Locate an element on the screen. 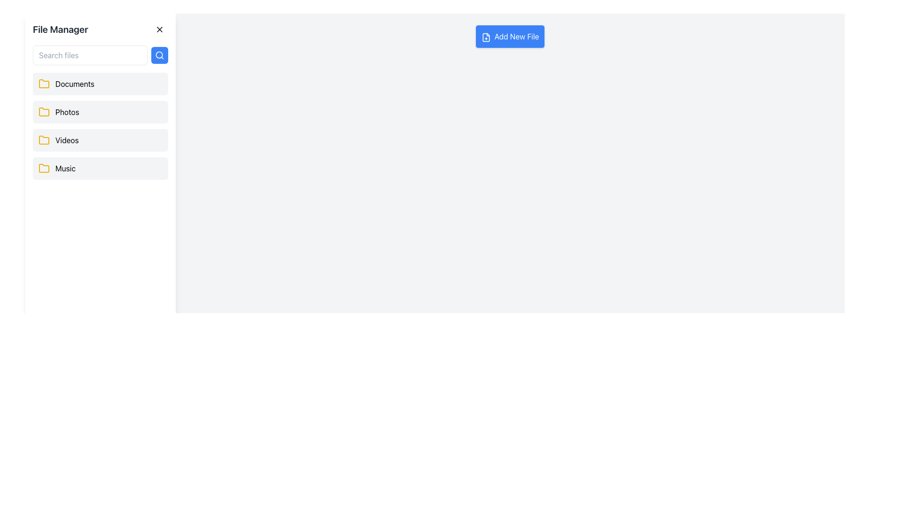  the Close Icon located in the top right corner of the left sidebar panel is located at coordinates (160, 29).